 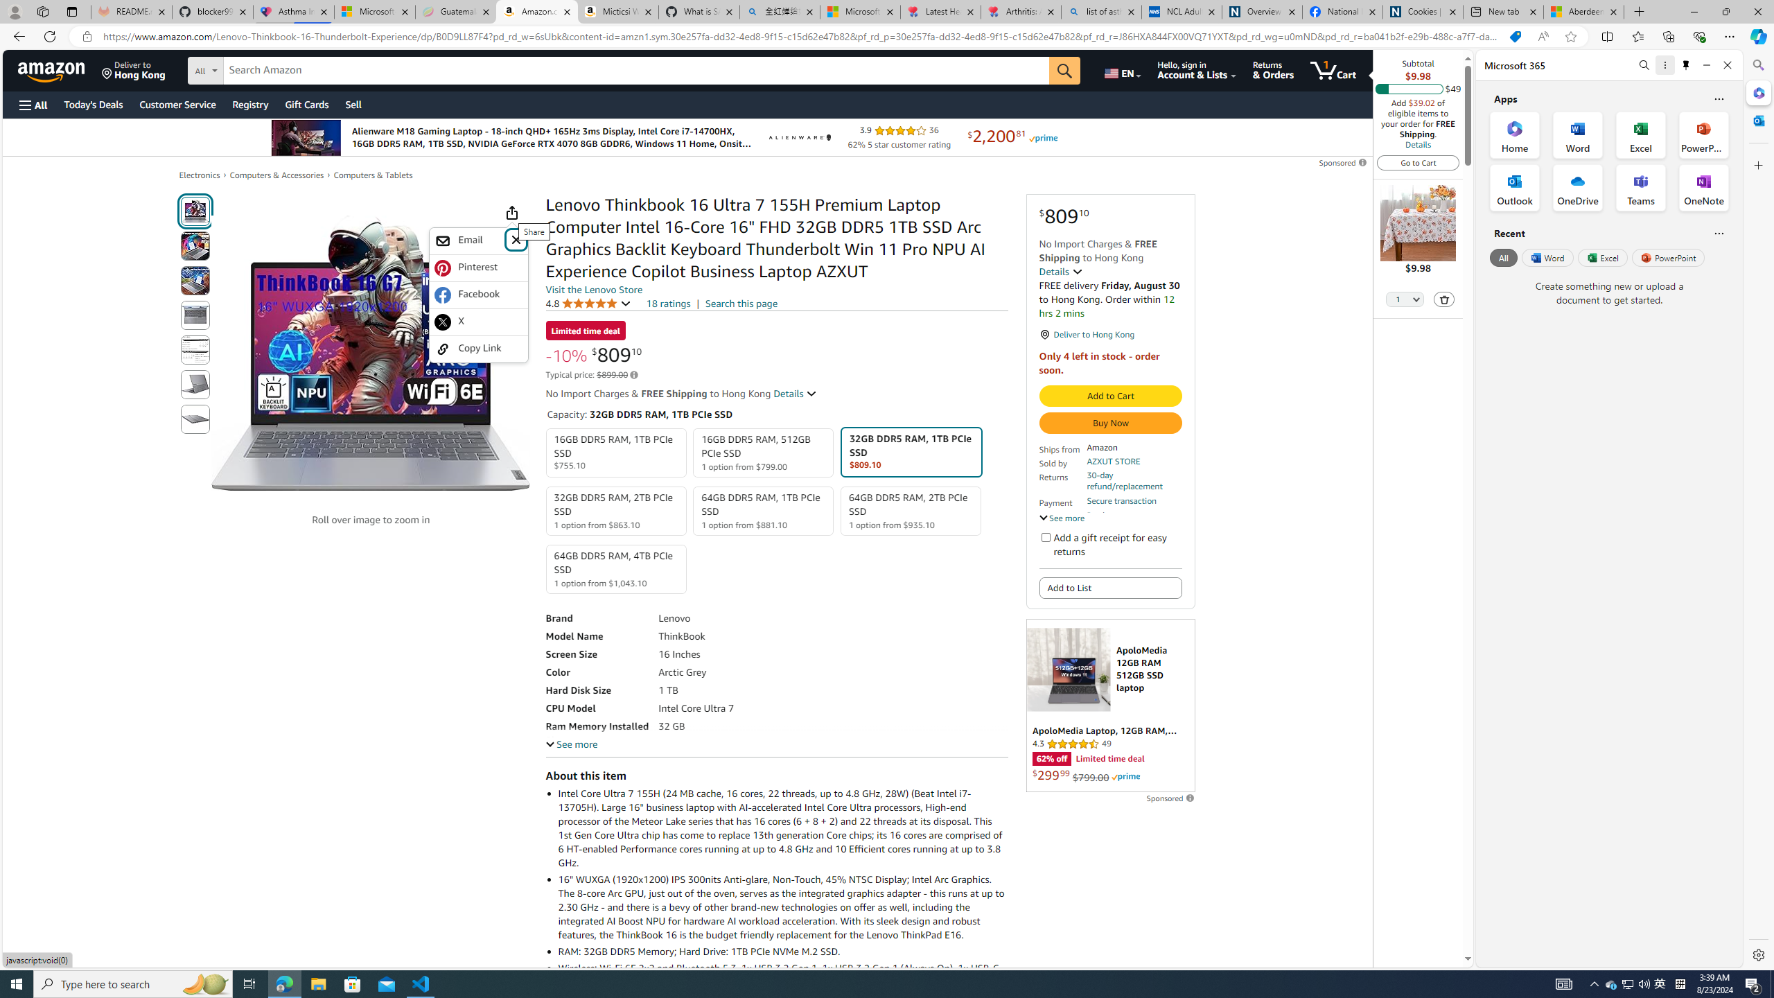 I want to click on 'Deliver to Hong Kong', so click(x=133, y=69).